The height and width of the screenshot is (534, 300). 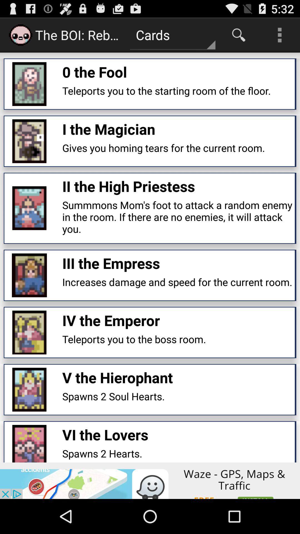 I want to click on advertisement, so click(x=150, y=480).